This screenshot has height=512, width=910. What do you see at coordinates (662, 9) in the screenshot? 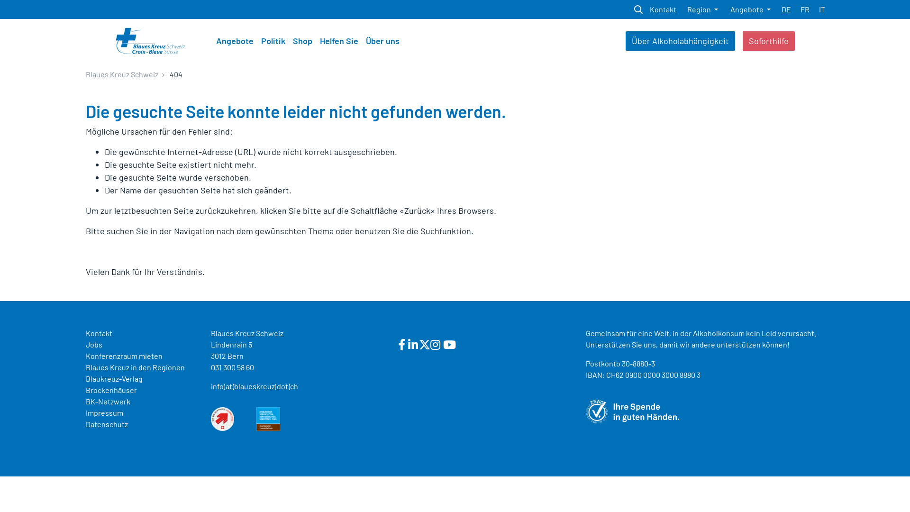
I see `'Kontakt'` at bounding box center [662, 9].